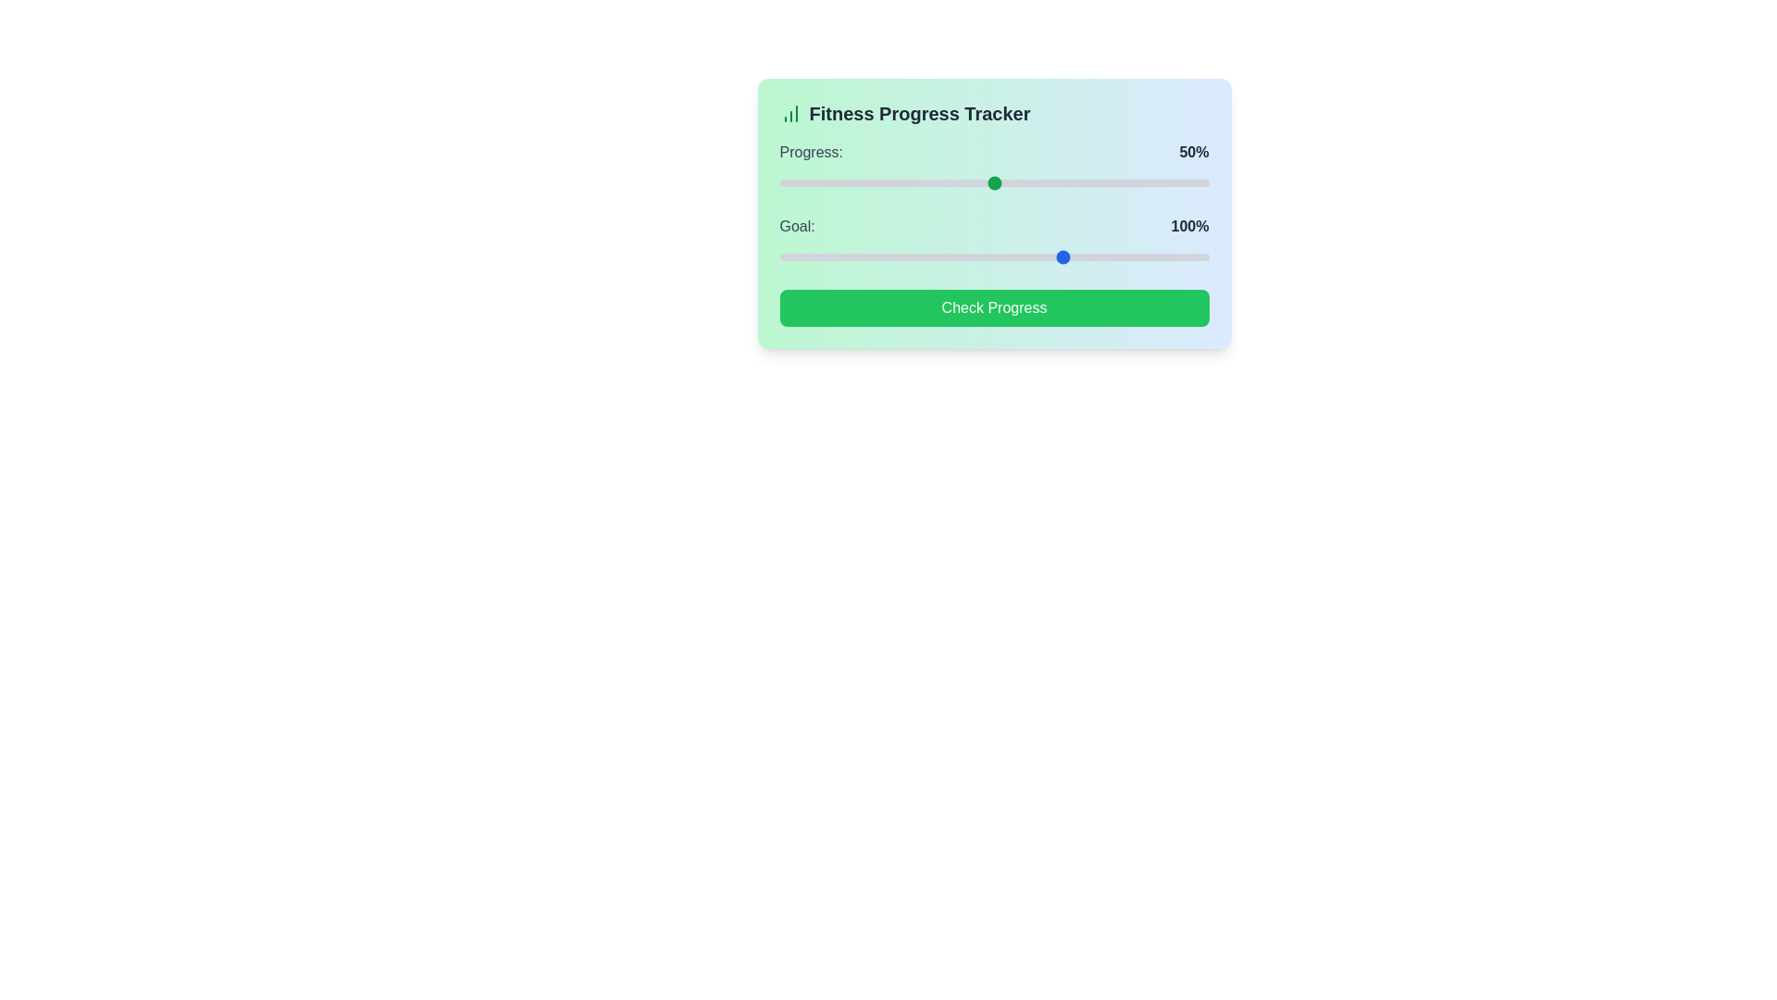  Describe the element at coordinates (993, 306) in the screenshot. I see `'Check Progress' button` at that location.